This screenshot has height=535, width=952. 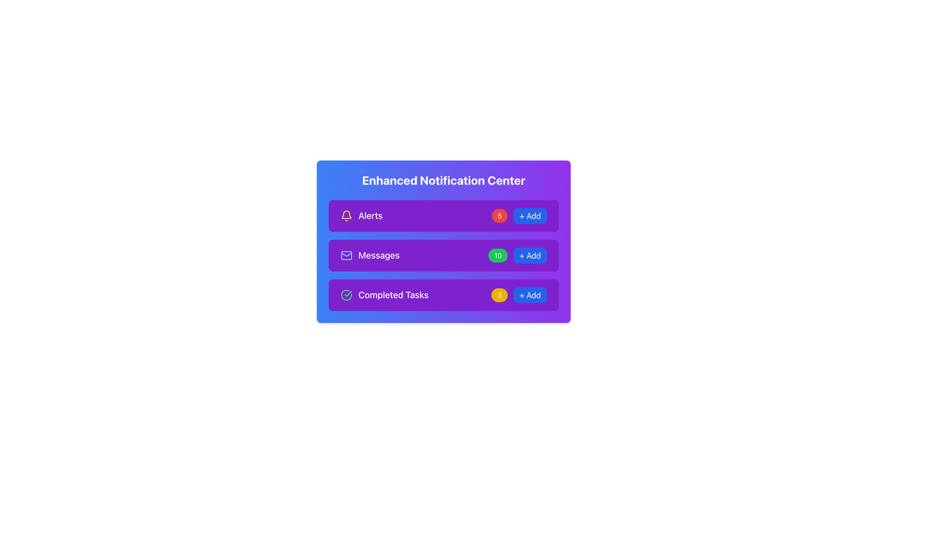 I want to click on the 'Messages' section indicator located in the second row under the 'Enhanced Notification Center', which visually groups the message-related contents, so click(x=369, y=255).